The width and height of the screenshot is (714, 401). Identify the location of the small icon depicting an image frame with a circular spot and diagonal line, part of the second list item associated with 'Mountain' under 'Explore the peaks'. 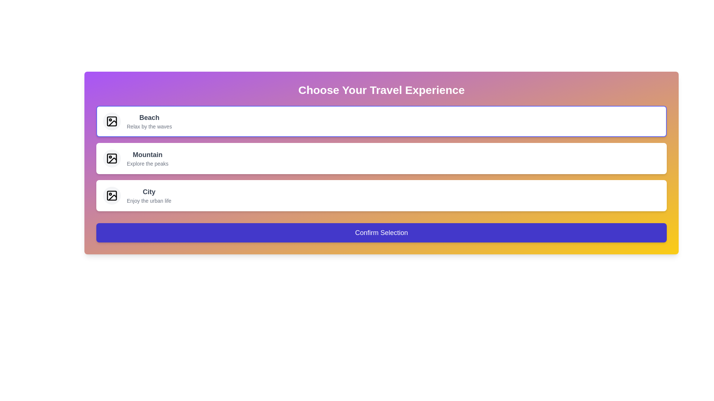
(112, 158).